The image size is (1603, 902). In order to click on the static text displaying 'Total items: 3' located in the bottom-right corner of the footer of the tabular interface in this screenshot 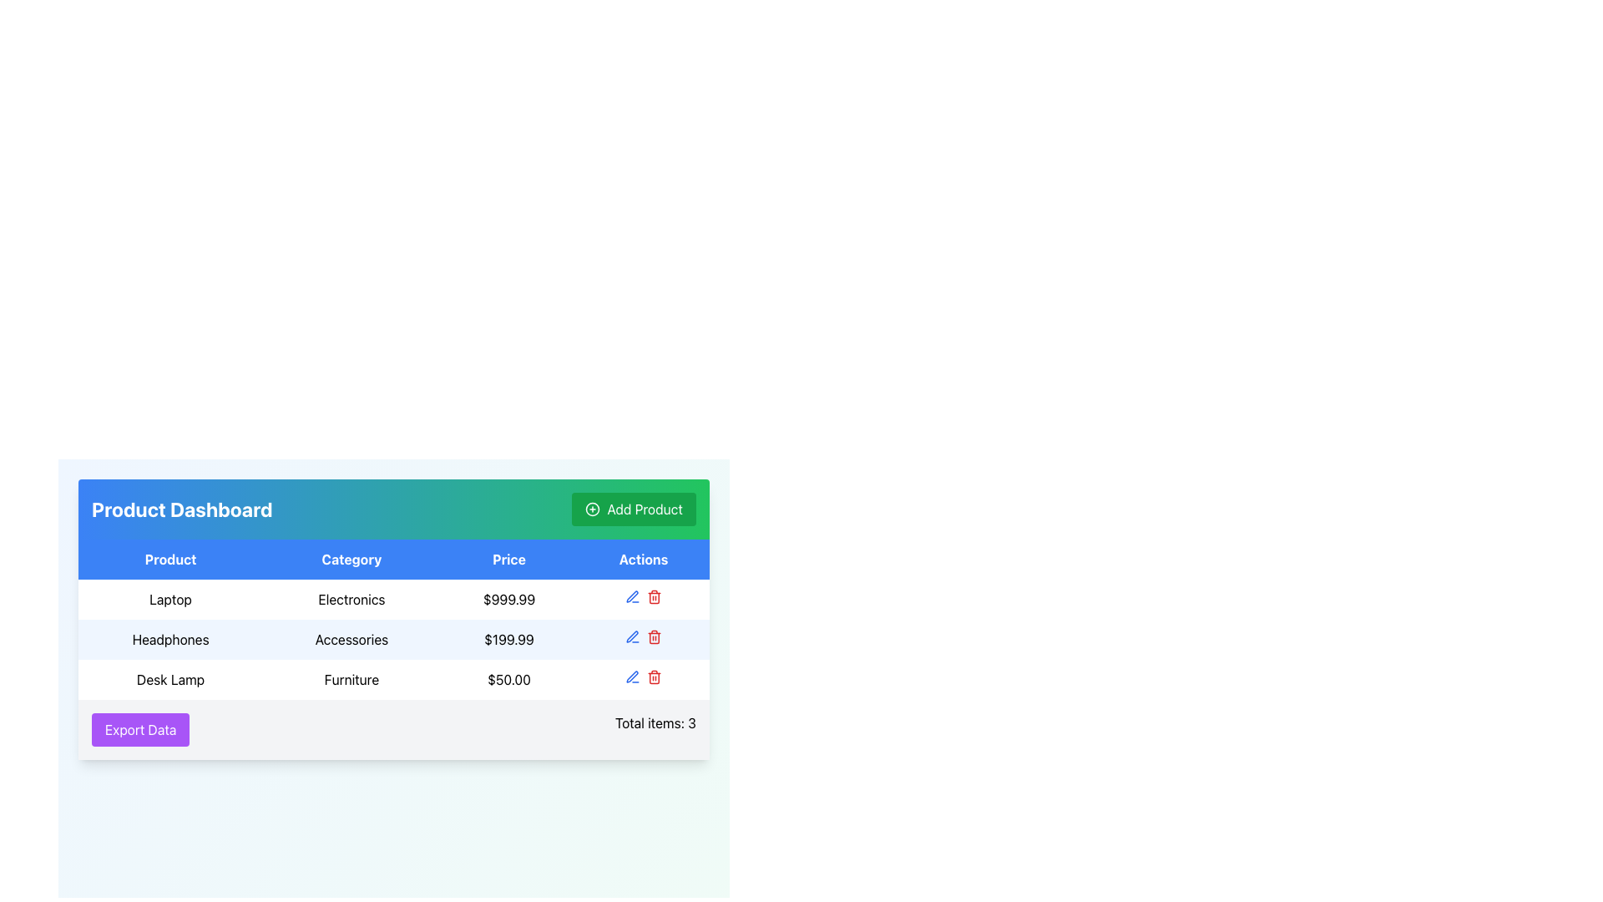, I will do `click(655, 729)`.